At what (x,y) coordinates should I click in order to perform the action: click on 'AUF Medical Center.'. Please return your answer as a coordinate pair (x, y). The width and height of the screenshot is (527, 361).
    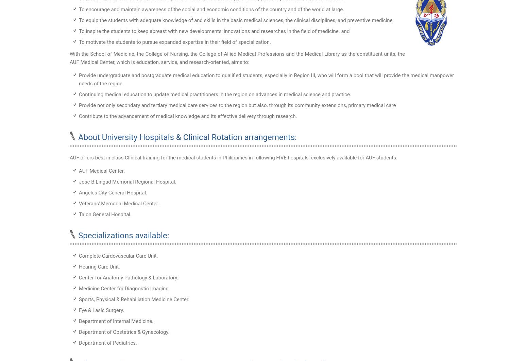
    Looking at the image, I should click on (101, 170).